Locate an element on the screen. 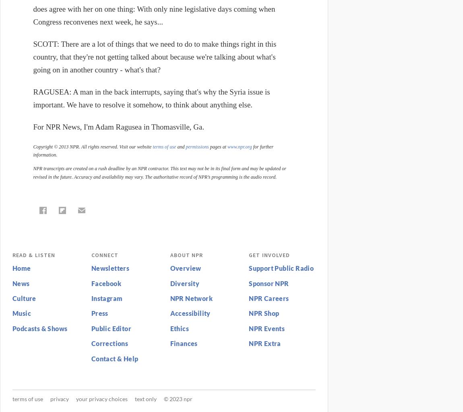  '© 2023 npr' is located at coordinates (178, 398).